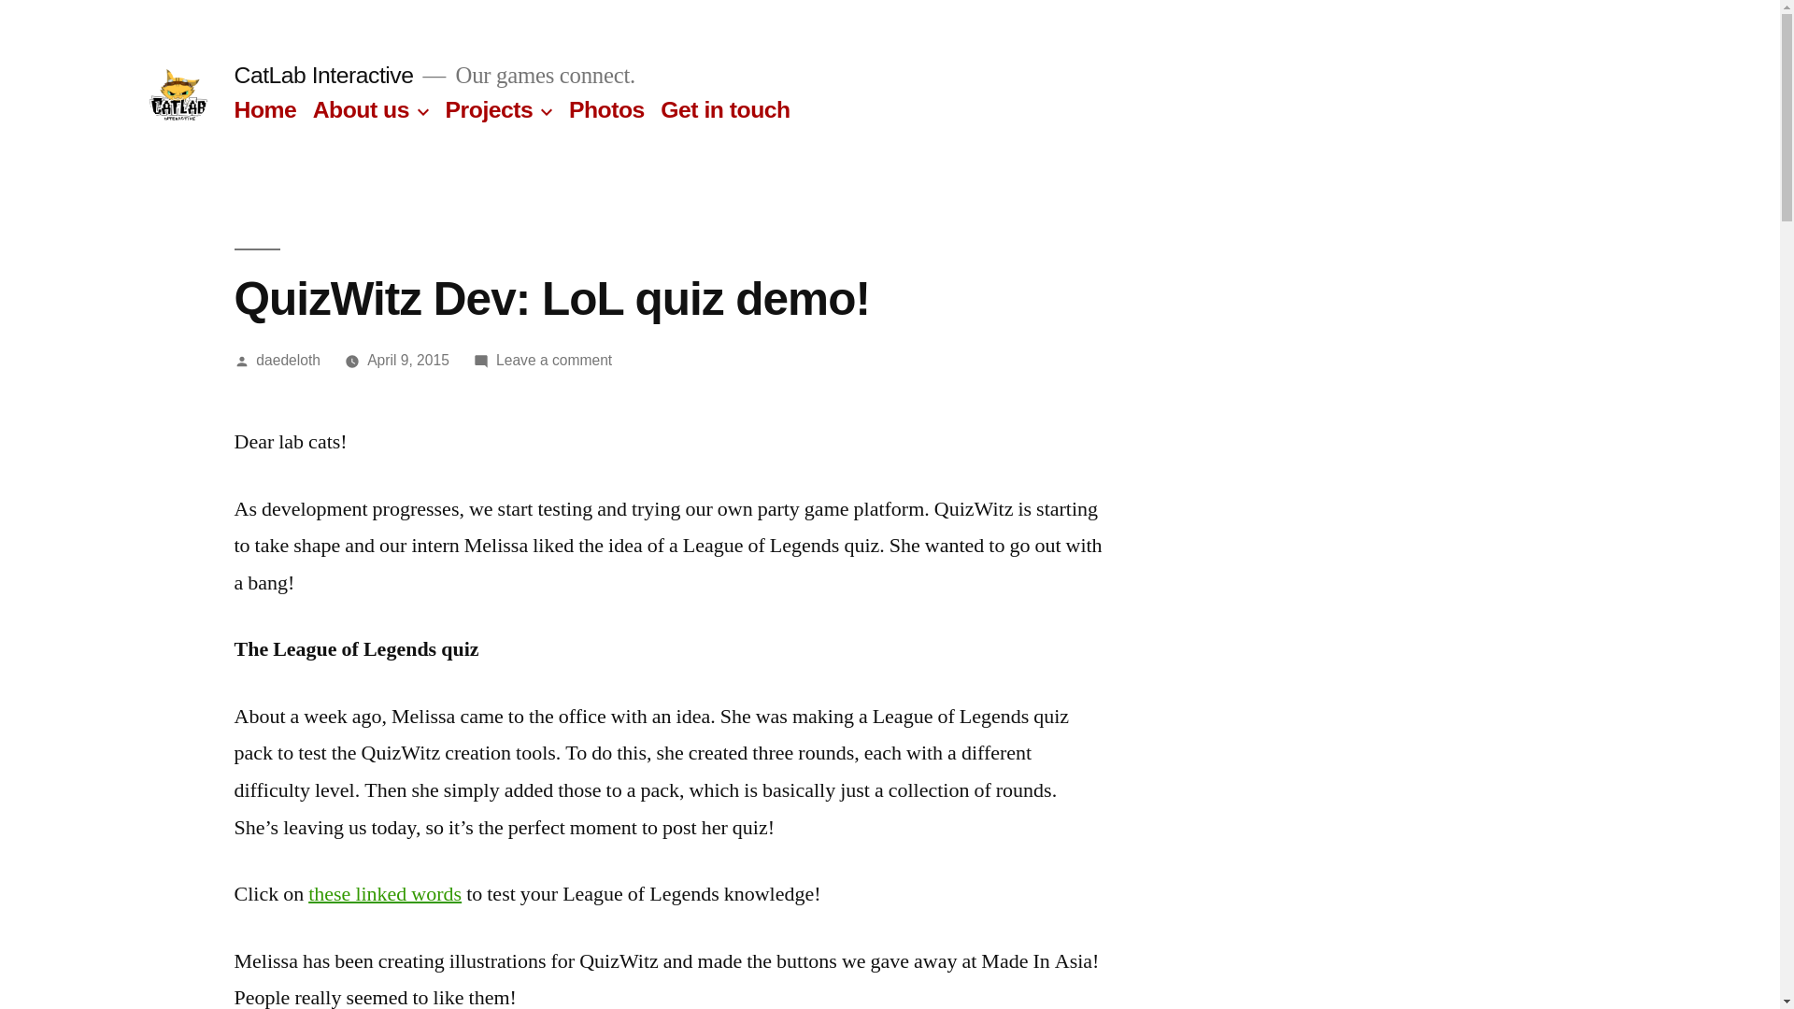 This screenshot has height=1009, width=1794. Describe the element at coordinates (361, 109) in the screenshot. I see `'About us'` at that location.